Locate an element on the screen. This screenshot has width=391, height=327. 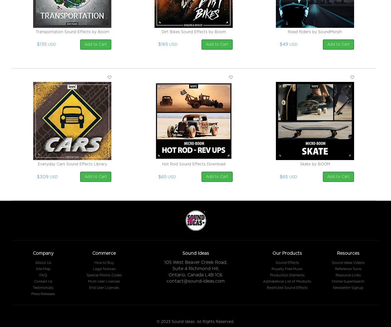
'$135' is located at coordinates (42, 44).